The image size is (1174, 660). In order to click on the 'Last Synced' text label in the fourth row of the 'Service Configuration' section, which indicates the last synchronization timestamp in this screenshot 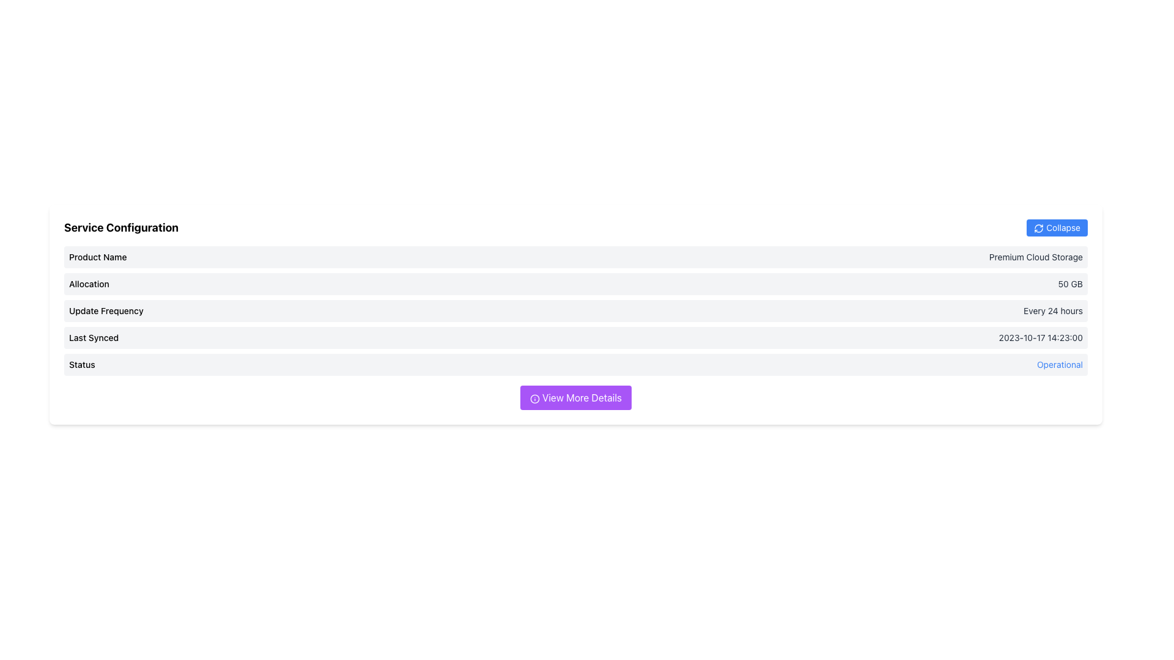, I will do `click(93, 337)`.